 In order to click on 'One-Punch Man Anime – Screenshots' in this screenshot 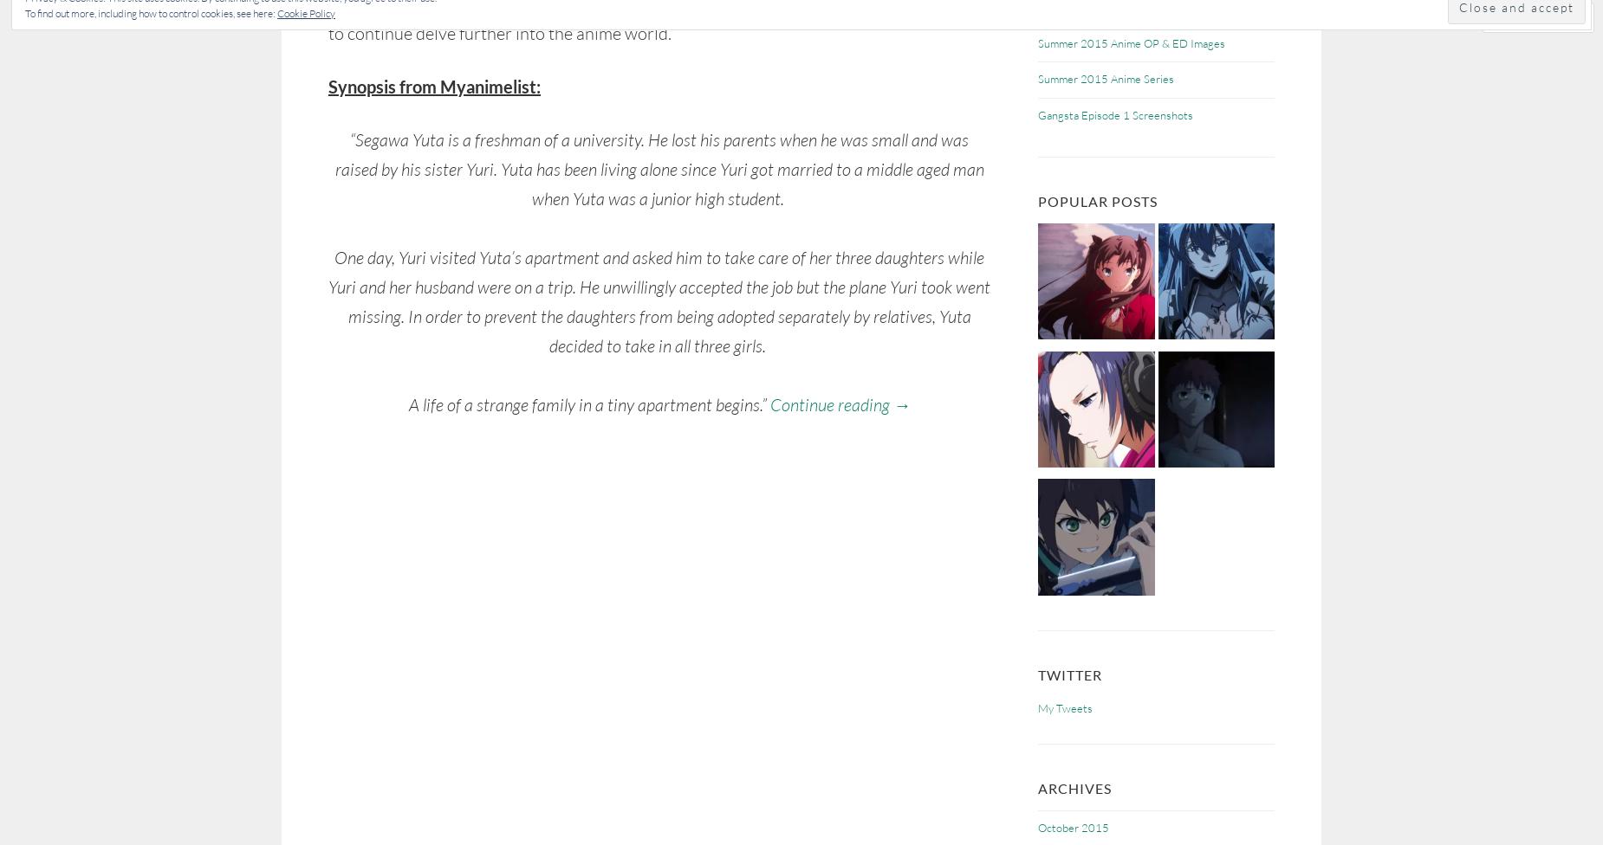, I will do `click(1129, 7)`.